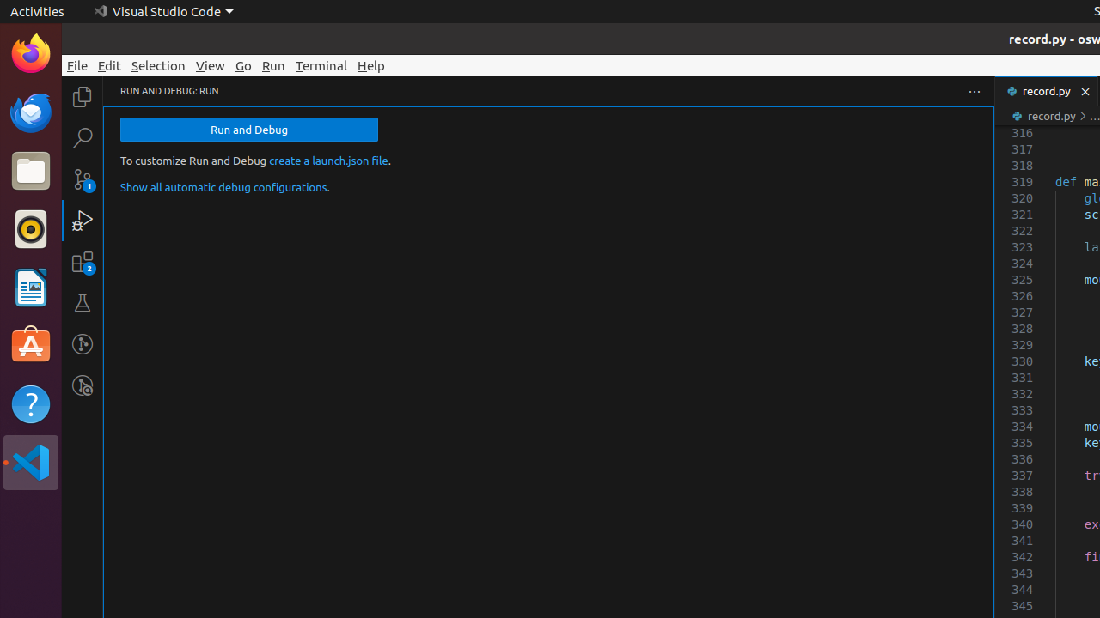 Image resolution: width=1100 pixels, height=618 pixels. Describe the element at coordinates (82, 219) in the screenshot. I see `'Run and Debug (Ctrl+Shift+D)'` at that location.